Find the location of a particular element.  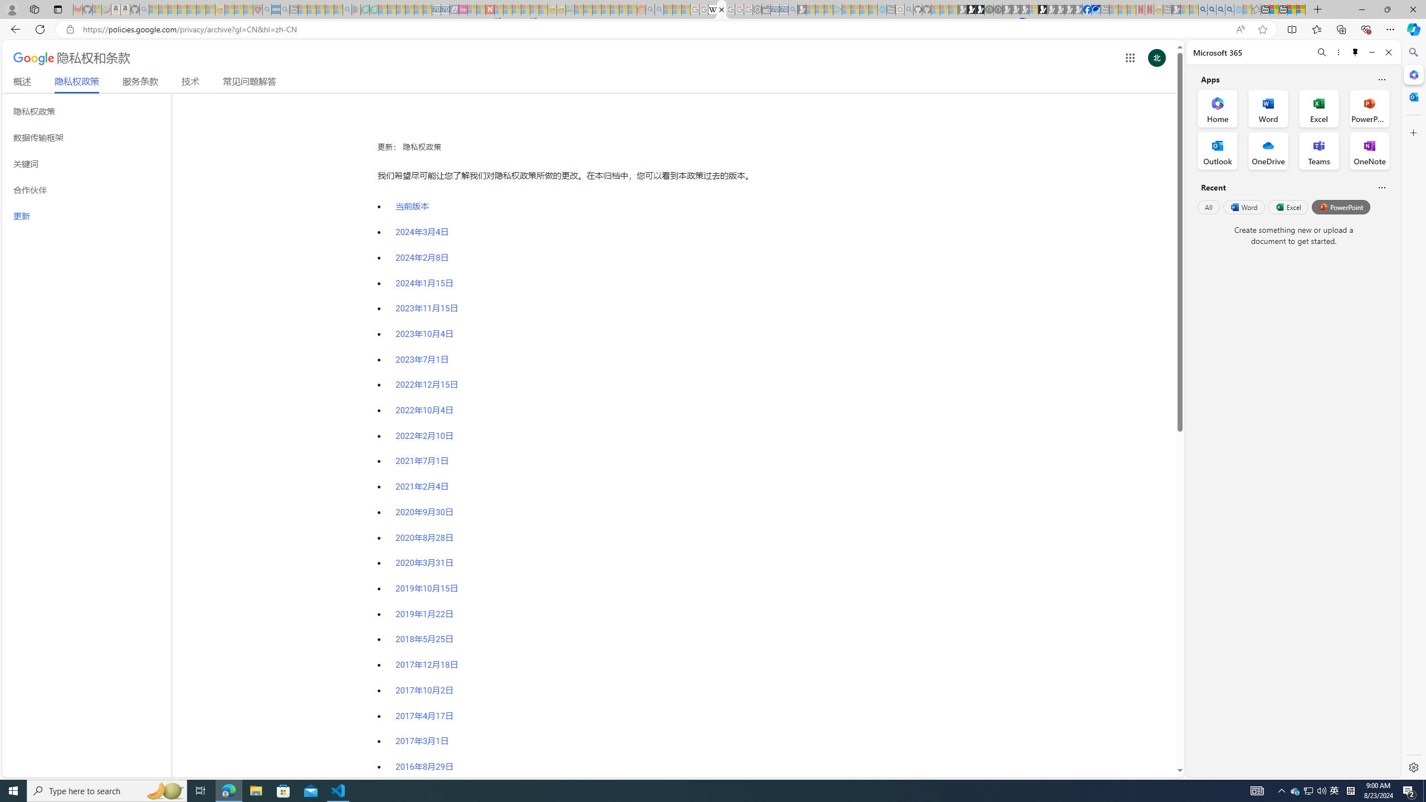

'PowerPoint Office App' is located at coordinates (1369, 109).